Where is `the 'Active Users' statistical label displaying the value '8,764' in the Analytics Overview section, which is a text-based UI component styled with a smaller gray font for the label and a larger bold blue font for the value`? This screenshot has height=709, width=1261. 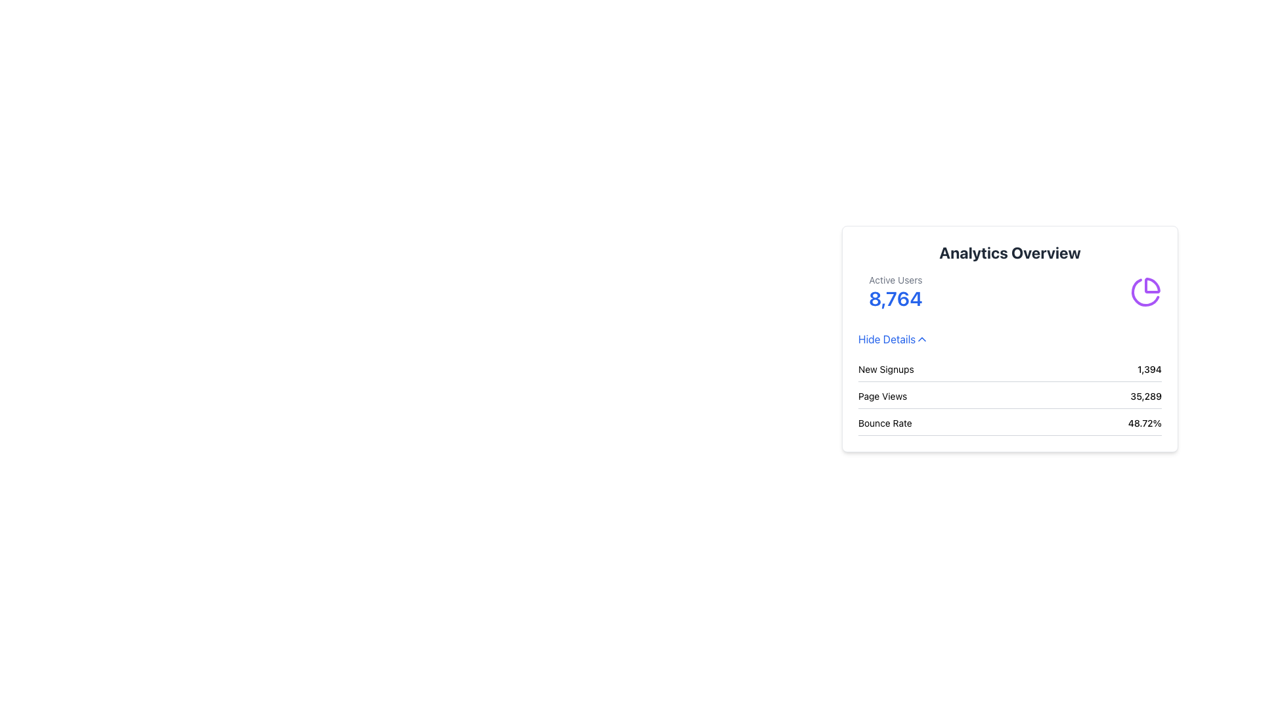
the 'Active Users' statistical label displaying the value '8,764' in the Analytics Overview section, which is a text-based UI component styled with a smaller gray font for the label and a larger bold blue font for the value is located at coordinates (895, 291).